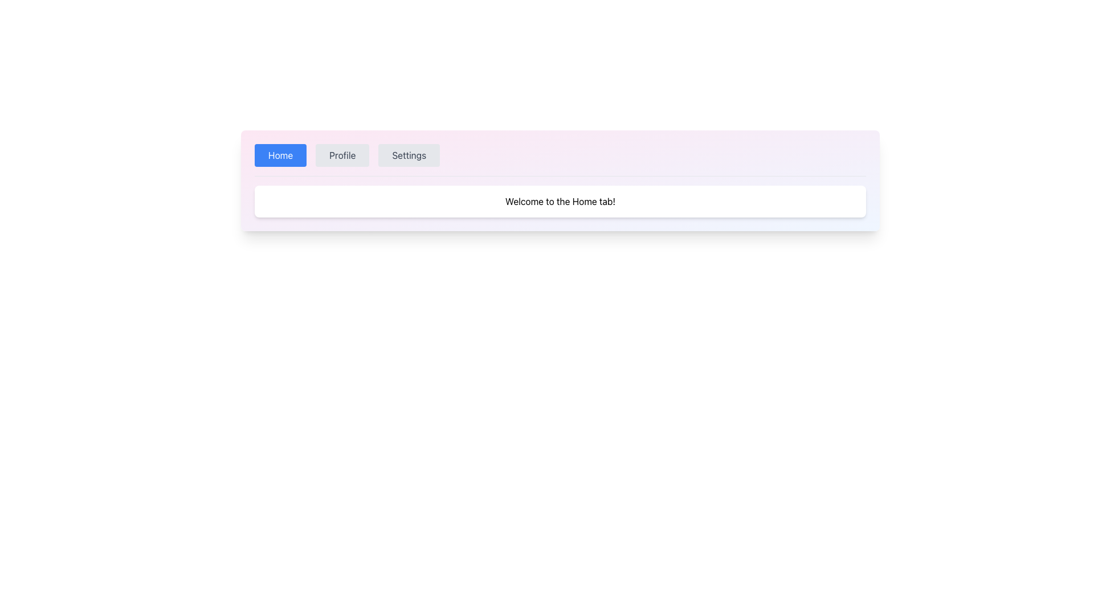 The height and width of the screenshot is (615, 1094). What do you see at coordinates (342, 155) in the screenshot?
I see `the 'Profile' button located in the navigation bar` at bounding box center [342, 155].